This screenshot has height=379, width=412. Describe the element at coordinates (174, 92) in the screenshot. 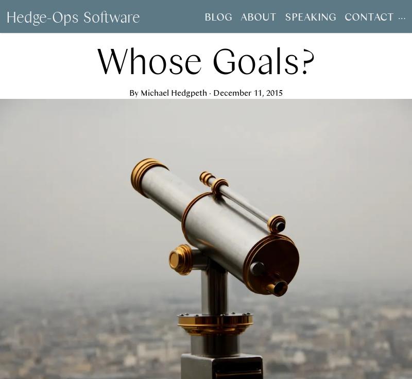

I see `'Michael Hedgpeth'` at that location.